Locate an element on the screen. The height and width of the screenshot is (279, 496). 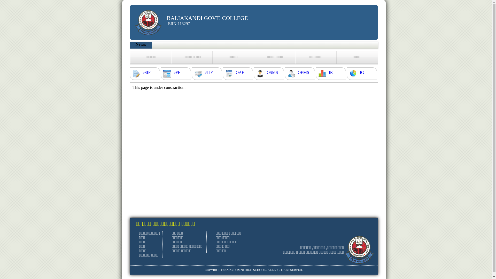
'OEMS' is located at coordinates (303, 73).